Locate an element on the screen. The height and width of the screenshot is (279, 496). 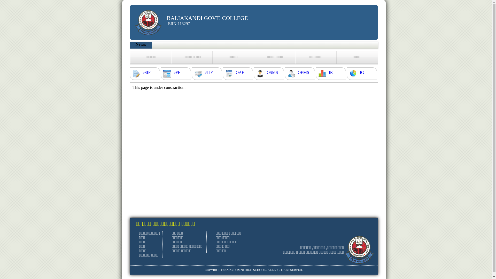
'OEMS' is located at coordinates (303, 73).